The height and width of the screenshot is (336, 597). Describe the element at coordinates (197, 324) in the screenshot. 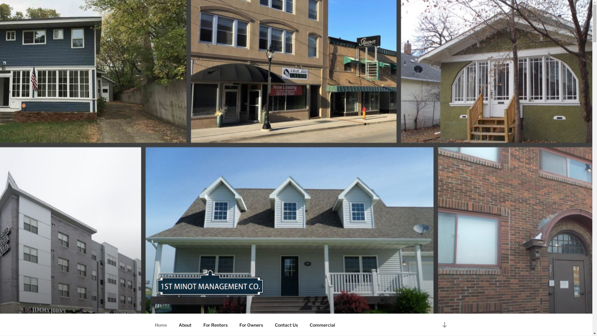

I see `'For Renters'` at that location.